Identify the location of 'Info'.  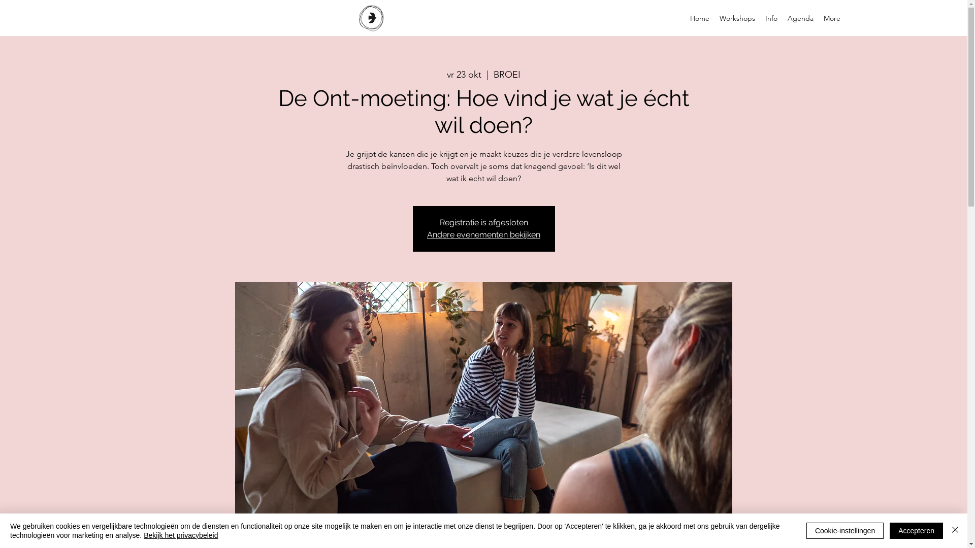
(770, 18).